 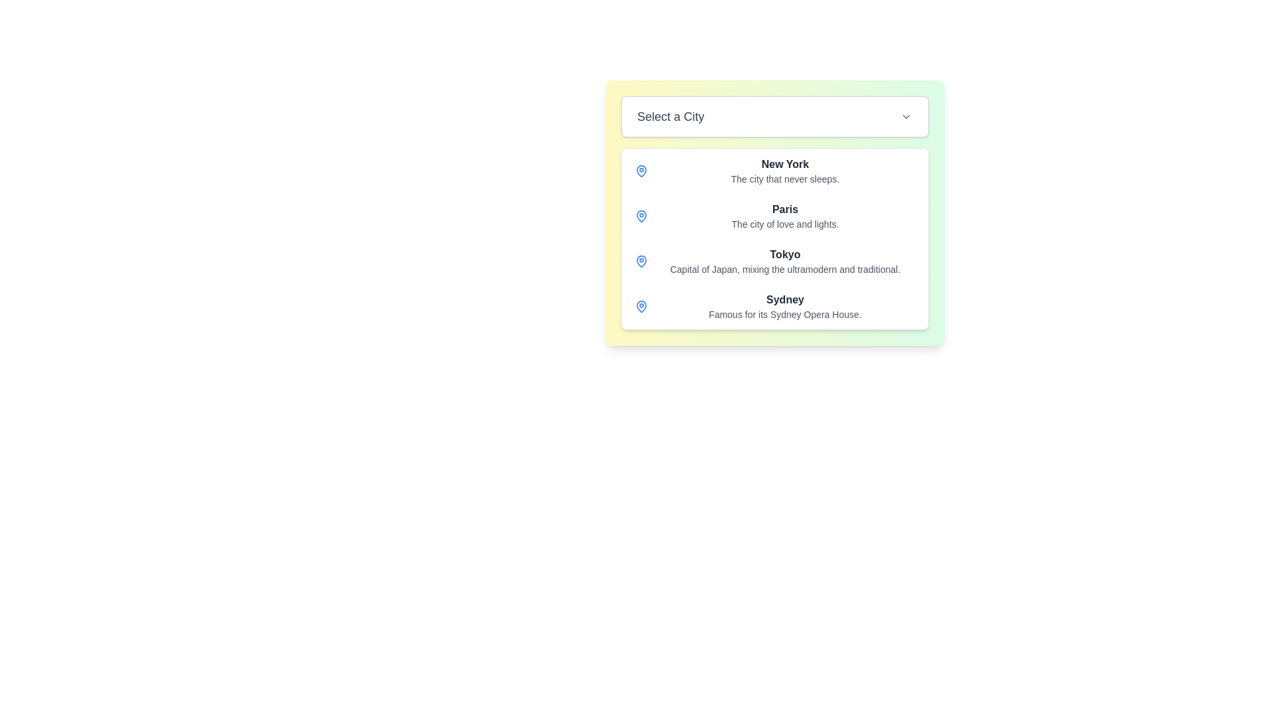 I want to click on the Dropdown menu trigger labeled 'Select a City', so click(x=774, y=116).